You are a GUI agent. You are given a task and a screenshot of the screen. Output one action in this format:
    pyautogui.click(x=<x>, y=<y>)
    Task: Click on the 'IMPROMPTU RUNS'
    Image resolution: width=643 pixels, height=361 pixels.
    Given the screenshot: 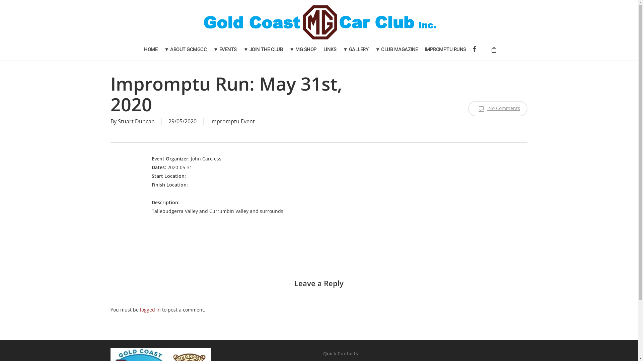 What is the action you would take?
    pyautogui.click(x=445, y=49)
    